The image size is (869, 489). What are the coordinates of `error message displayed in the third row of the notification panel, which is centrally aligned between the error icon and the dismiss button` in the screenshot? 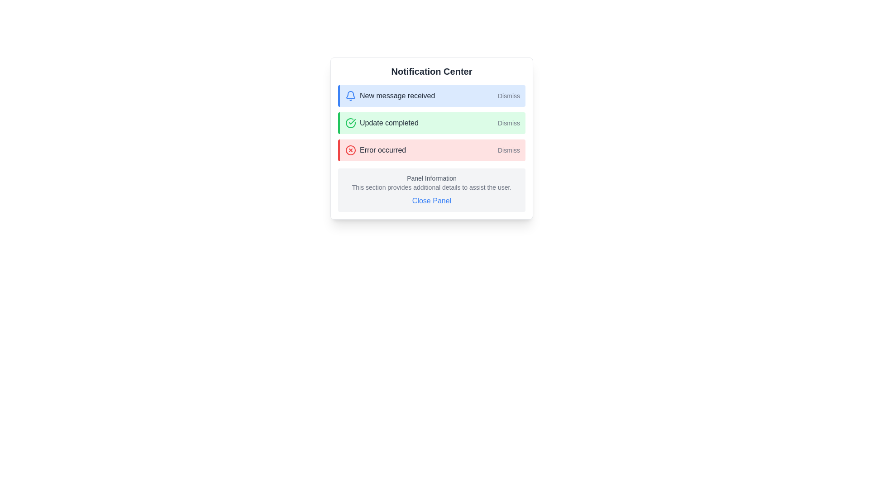 It's located at (383, 149).